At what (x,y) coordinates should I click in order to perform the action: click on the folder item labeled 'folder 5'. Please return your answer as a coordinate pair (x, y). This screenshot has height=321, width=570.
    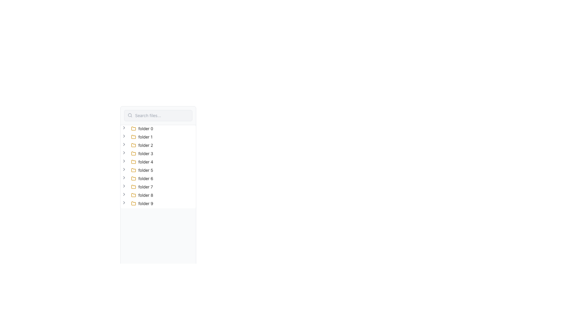
    Looking at the image, I should click on (142, 170).